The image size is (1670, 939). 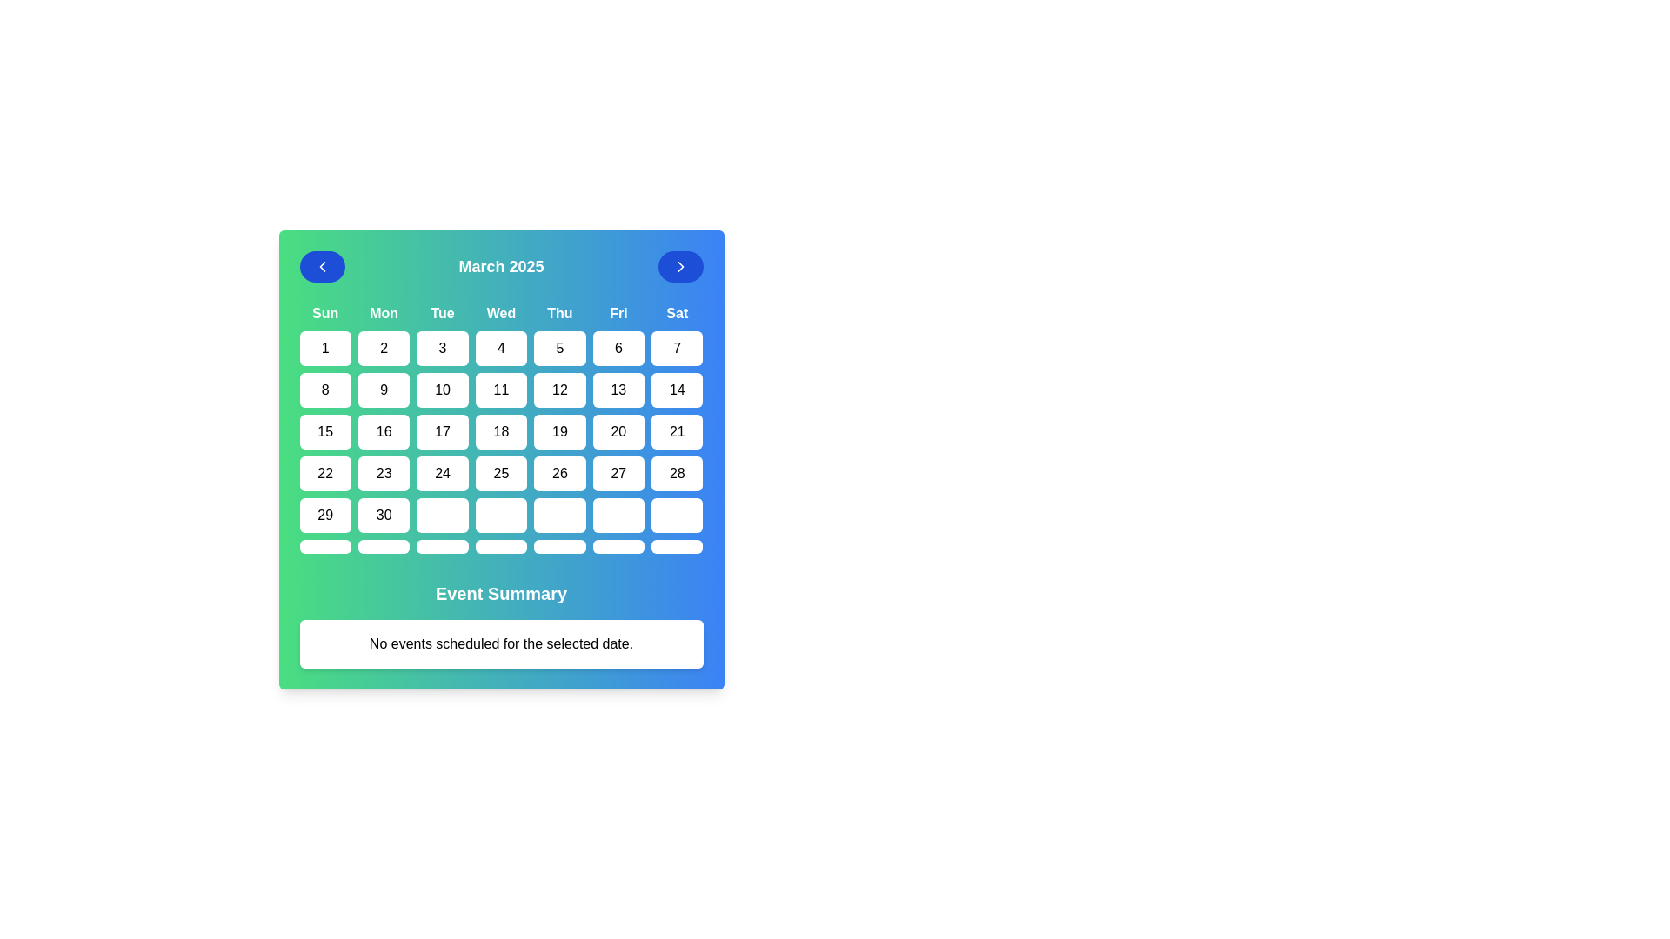 What do you see at coordinates (676, 431) in the screenshot?
I see `the button displaying the number '21' in the calendar interface` at bounding box center [676, 431].